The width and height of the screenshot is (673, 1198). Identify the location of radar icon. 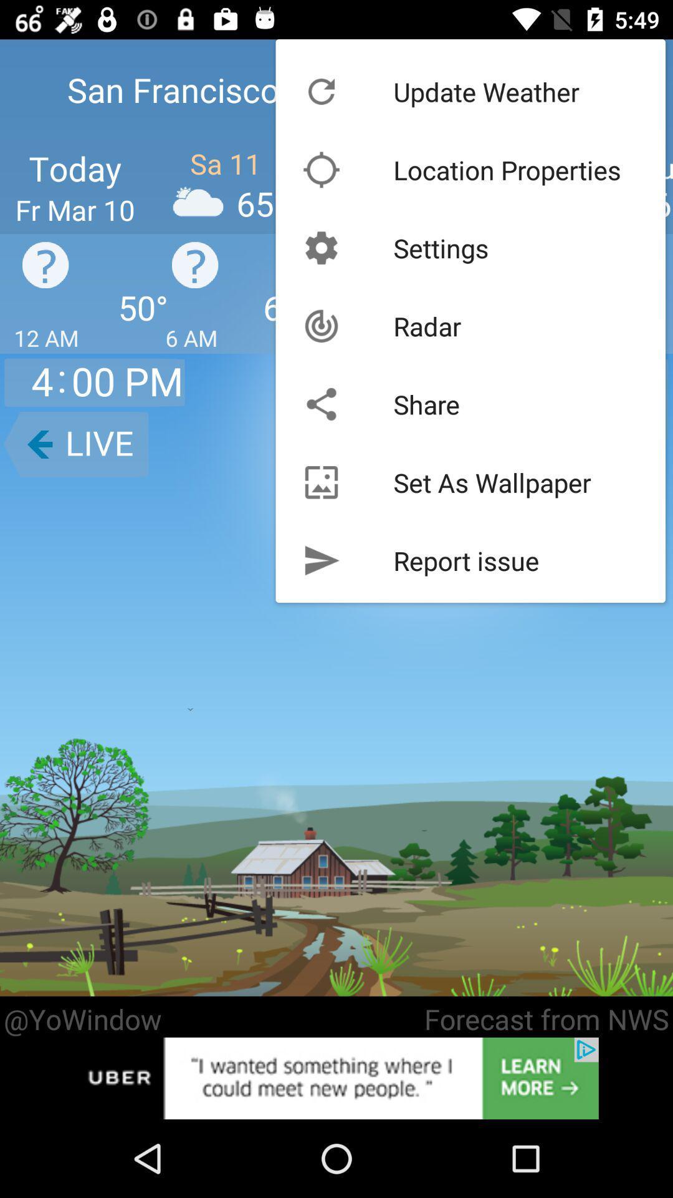
(426, 326).